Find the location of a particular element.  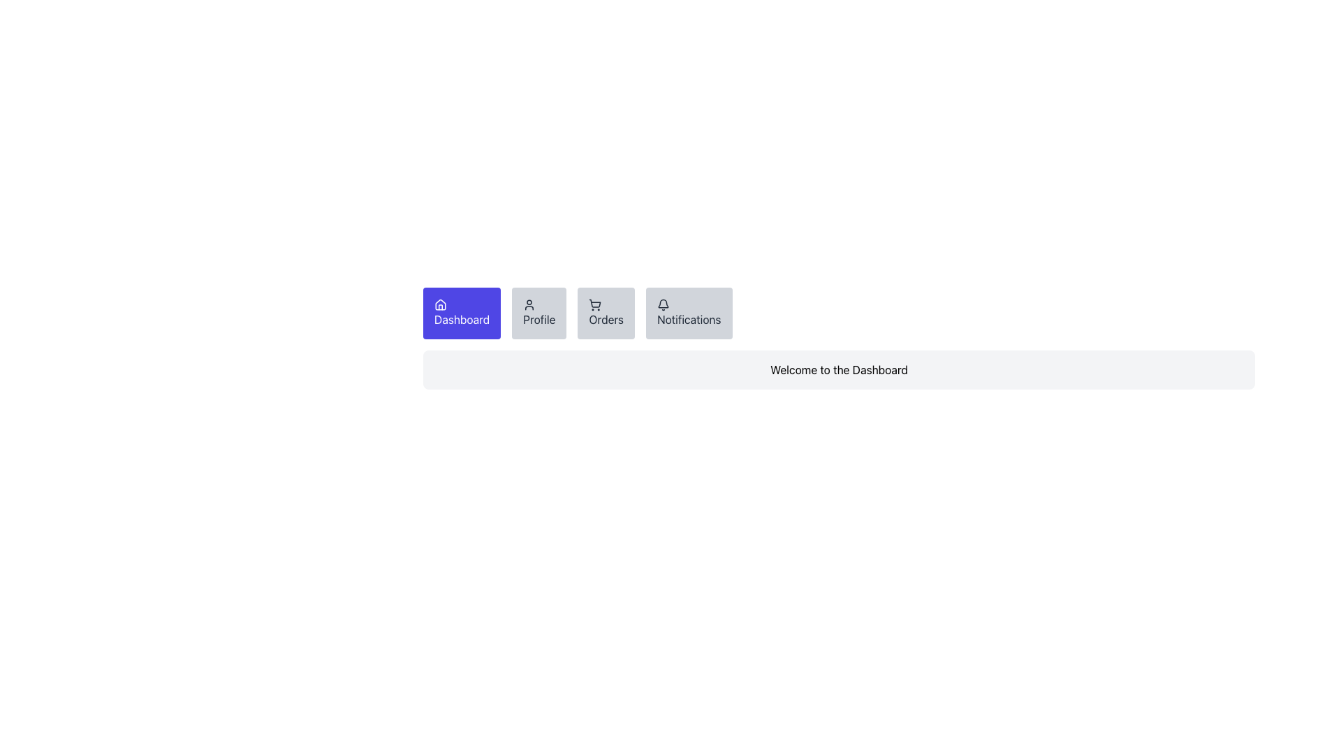

the text block displaying 'Welcome to the Dashboard', which has a light gray background and is located below the tab-like buttons for Dashboard, Profile, Orders, and Notifications is located at coordinates (838, 369).